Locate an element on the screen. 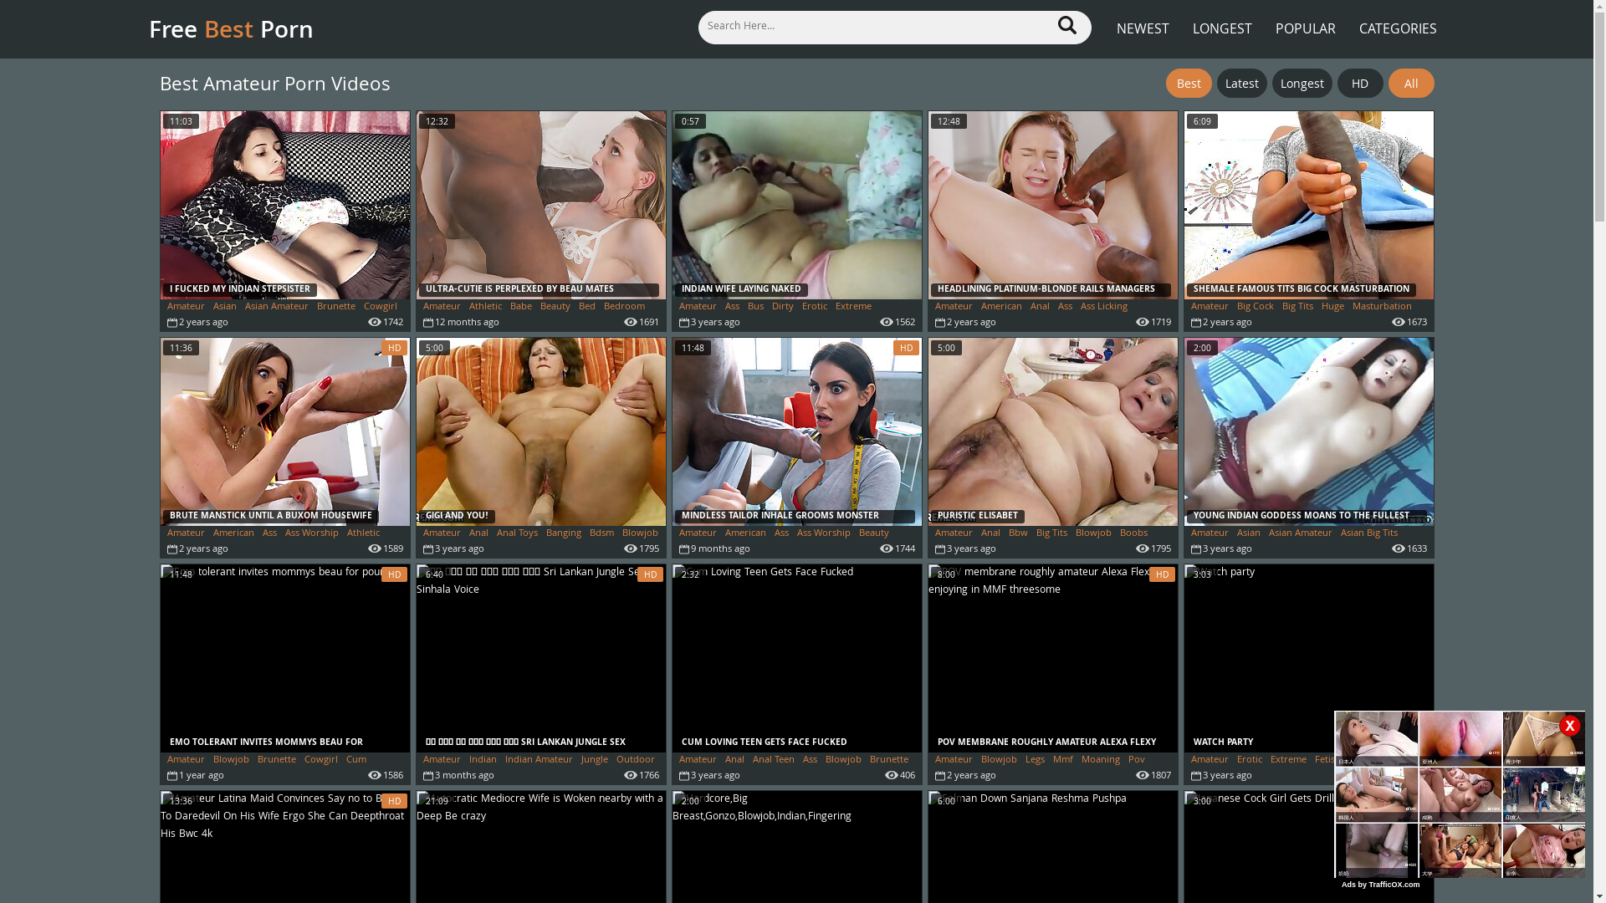  'Amateur' is located at coordinates (1190, 307).